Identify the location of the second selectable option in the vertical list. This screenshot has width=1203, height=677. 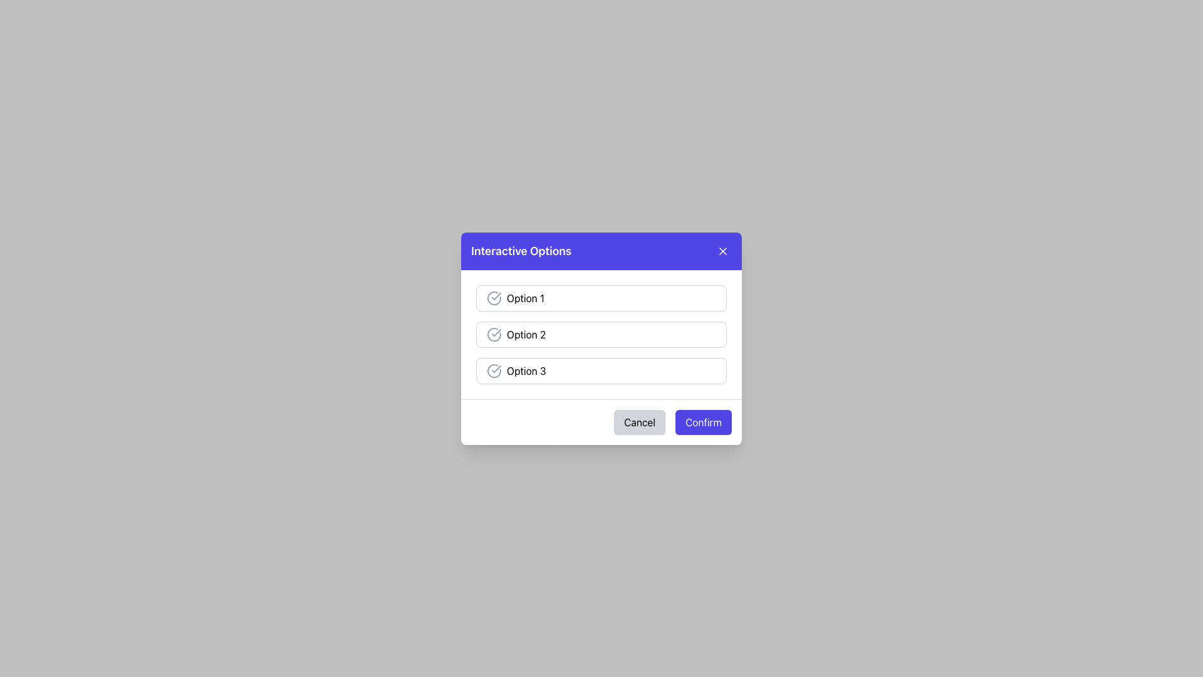
(601, 333).